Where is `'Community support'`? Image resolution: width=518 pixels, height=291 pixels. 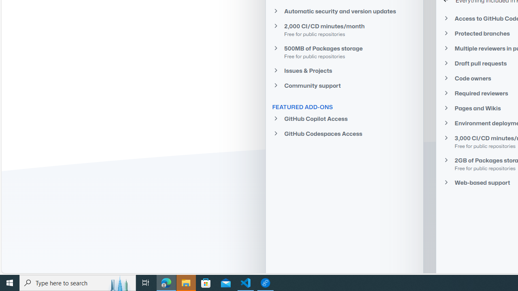
'Community support' is located at coordinates (344, 85).